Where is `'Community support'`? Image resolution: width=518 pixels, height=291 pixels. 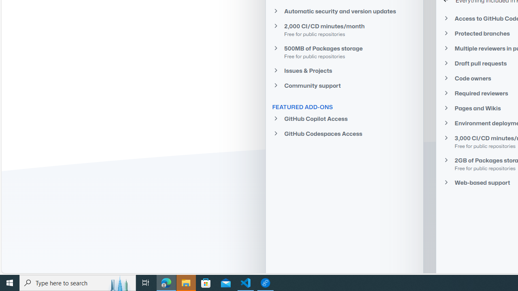
'Community support' is located at coordinates (344, 85).